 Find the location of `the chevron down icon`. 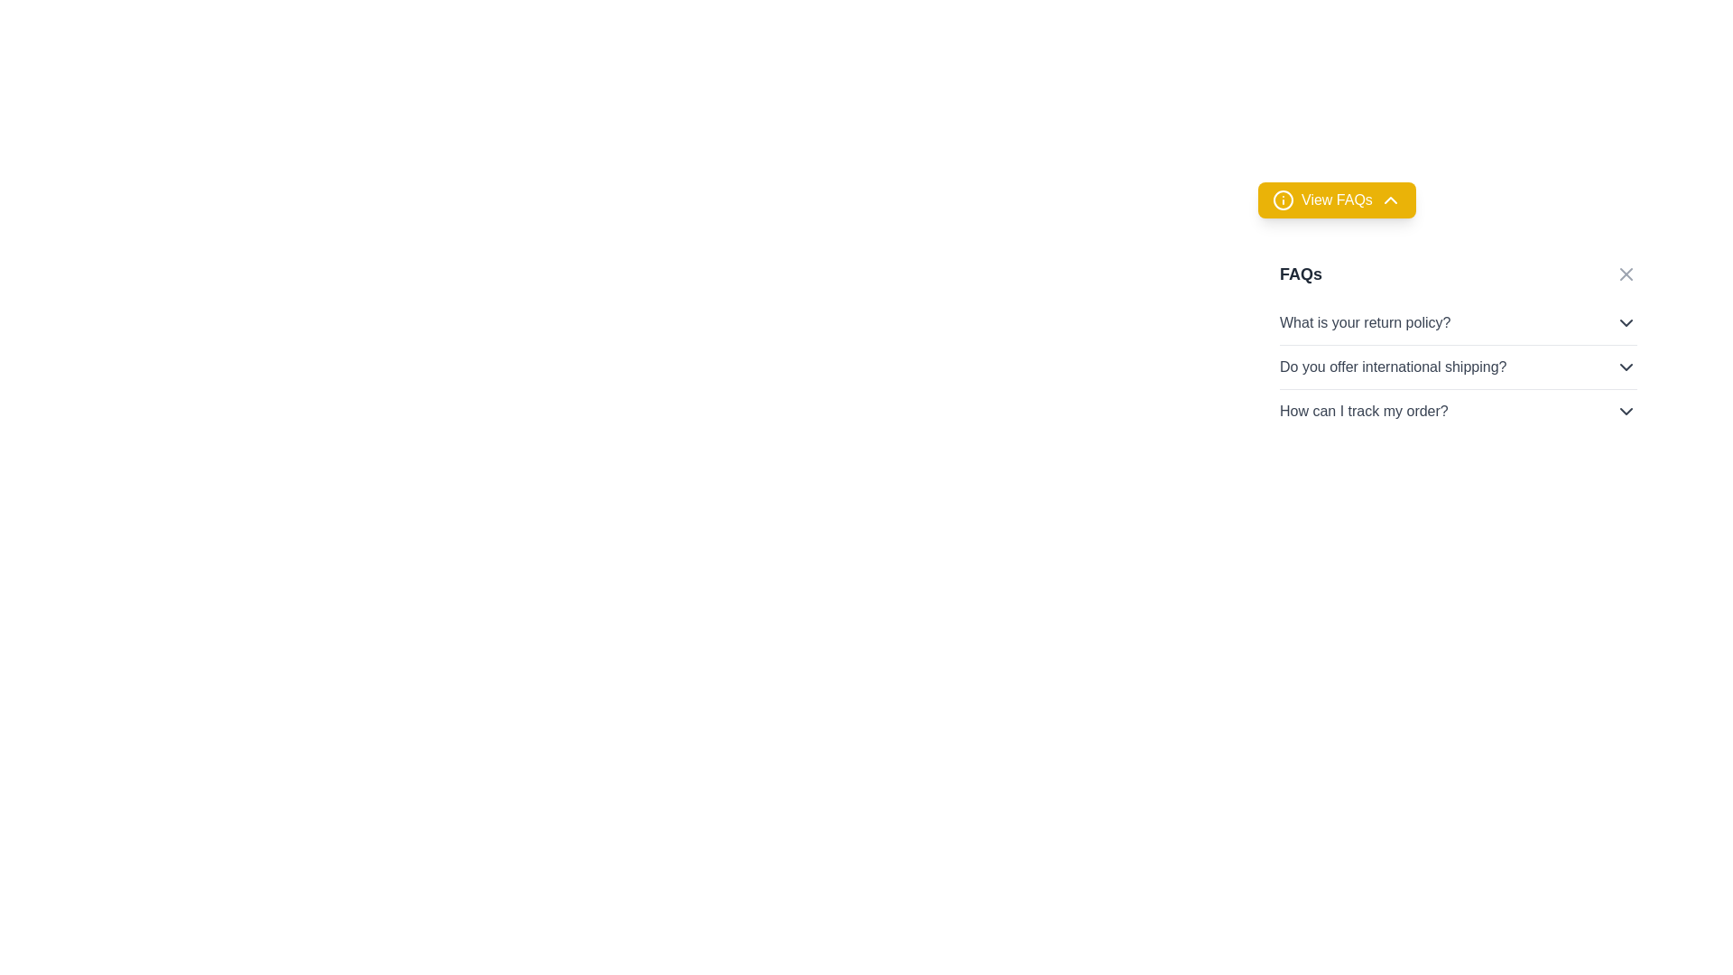

the chevron down icon is located at coordinates (1626, 322).